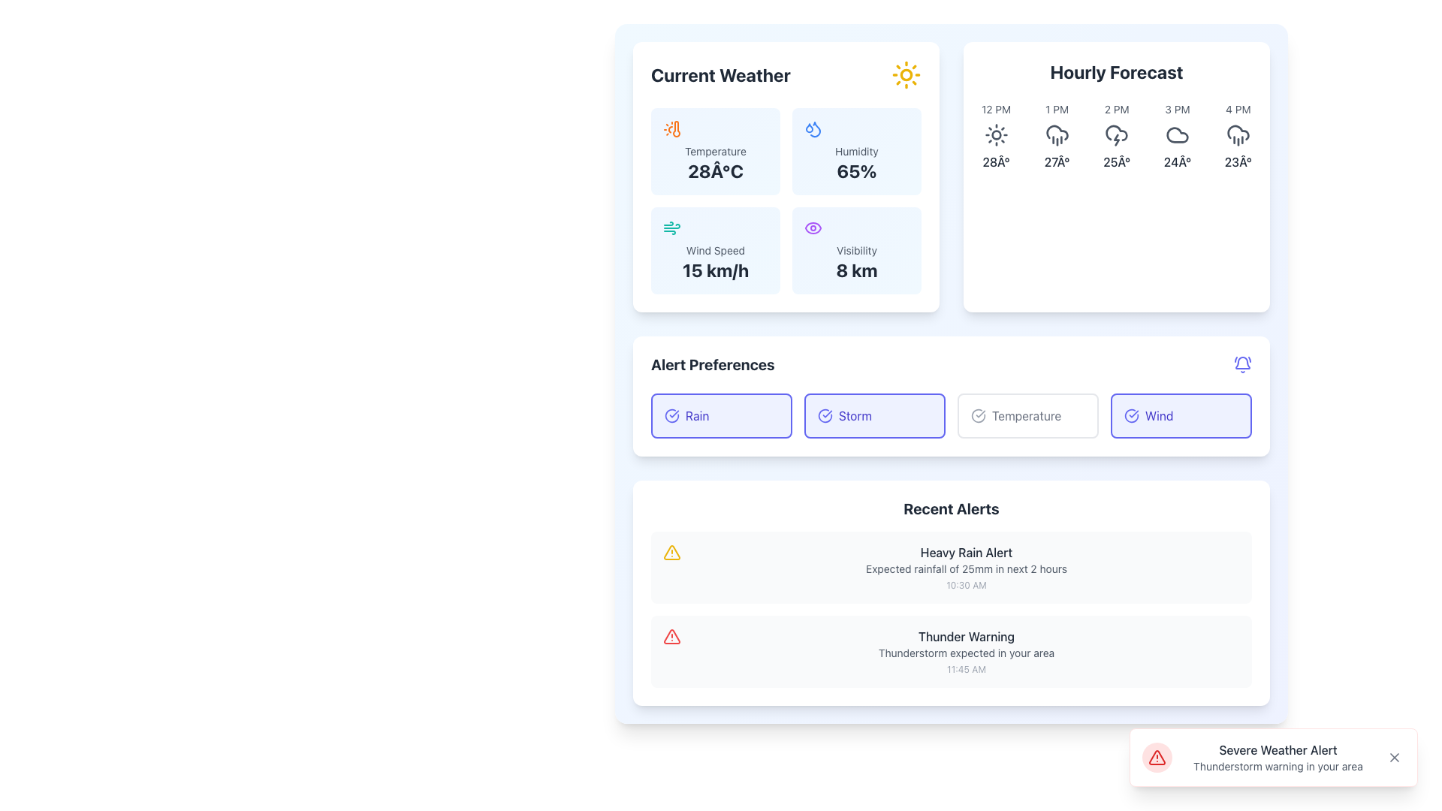 The image size is (1442, 811). Describe the element at coordinates (855, 416) in the screenshot. I see `the 'Storm' alerts text label located to the right of the checked circle icon in the 'Alert Preferences' section` at that location.